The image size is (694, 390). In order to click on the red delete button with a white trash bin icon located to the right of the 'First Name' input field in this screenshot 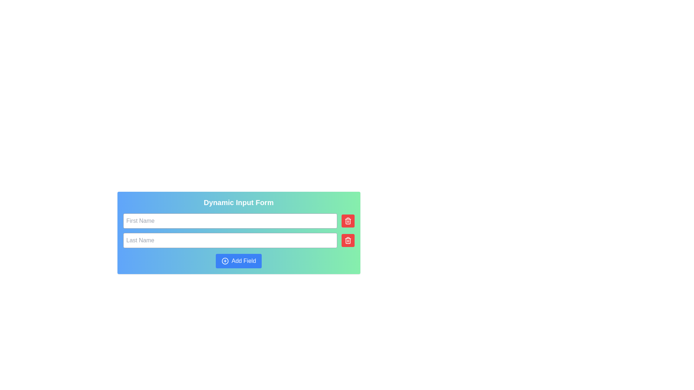, I will do `click(348, 221)`.